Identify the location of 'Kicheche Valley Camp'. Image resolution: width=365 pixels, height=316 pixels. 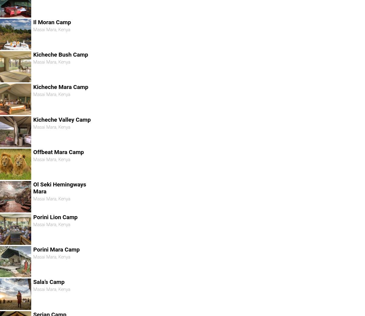
(61, 119).